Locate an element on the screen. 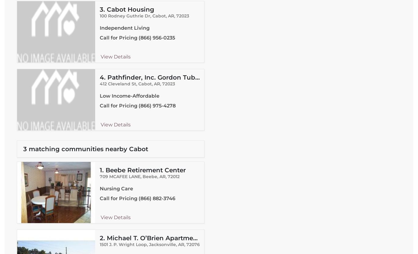 The height and width of the screenshot is (254, 418). 'Beebe' is located at coordinates (150, 176).